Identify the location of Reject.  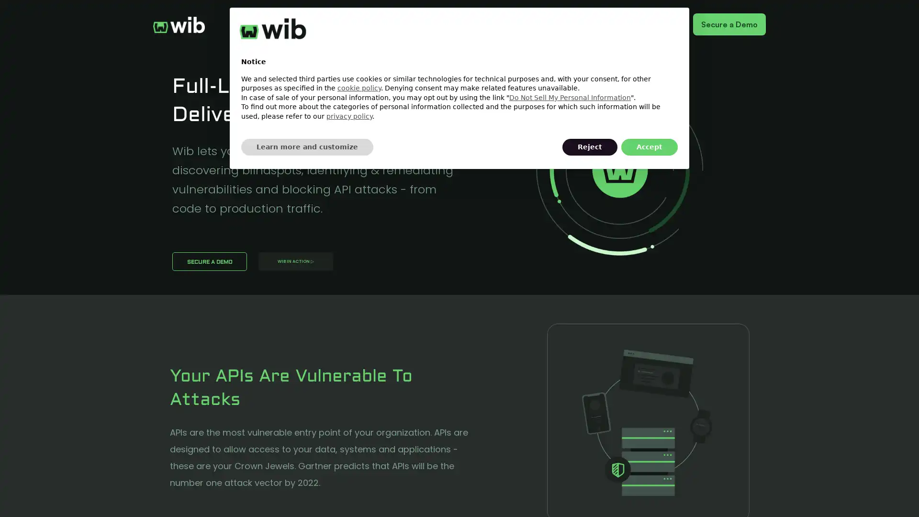
(589, 147).